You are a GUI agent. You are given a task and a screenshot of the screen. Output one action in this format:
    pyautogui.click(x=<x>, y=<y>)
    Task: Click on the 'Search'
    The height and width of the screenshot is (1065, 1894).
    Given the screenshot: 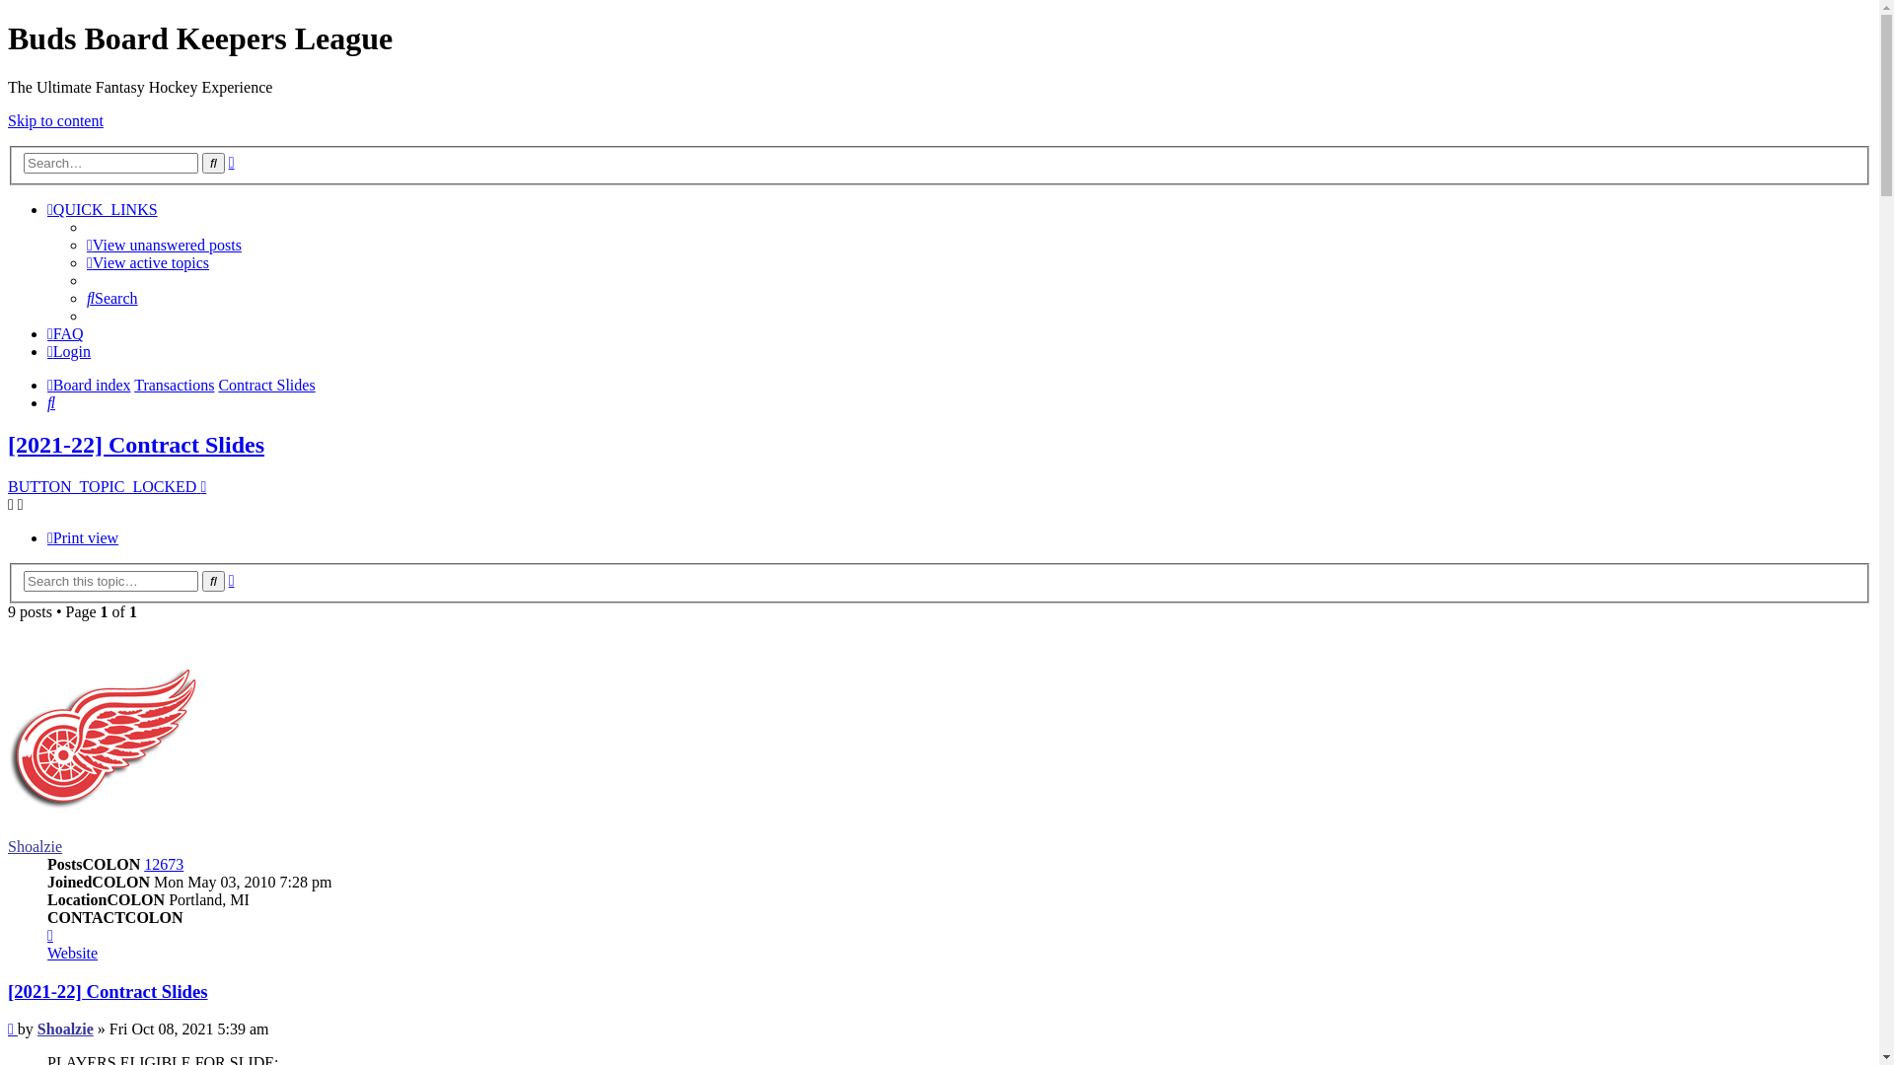 What is the action you would take?
    pyautogui.click(x=213, y=162)
    